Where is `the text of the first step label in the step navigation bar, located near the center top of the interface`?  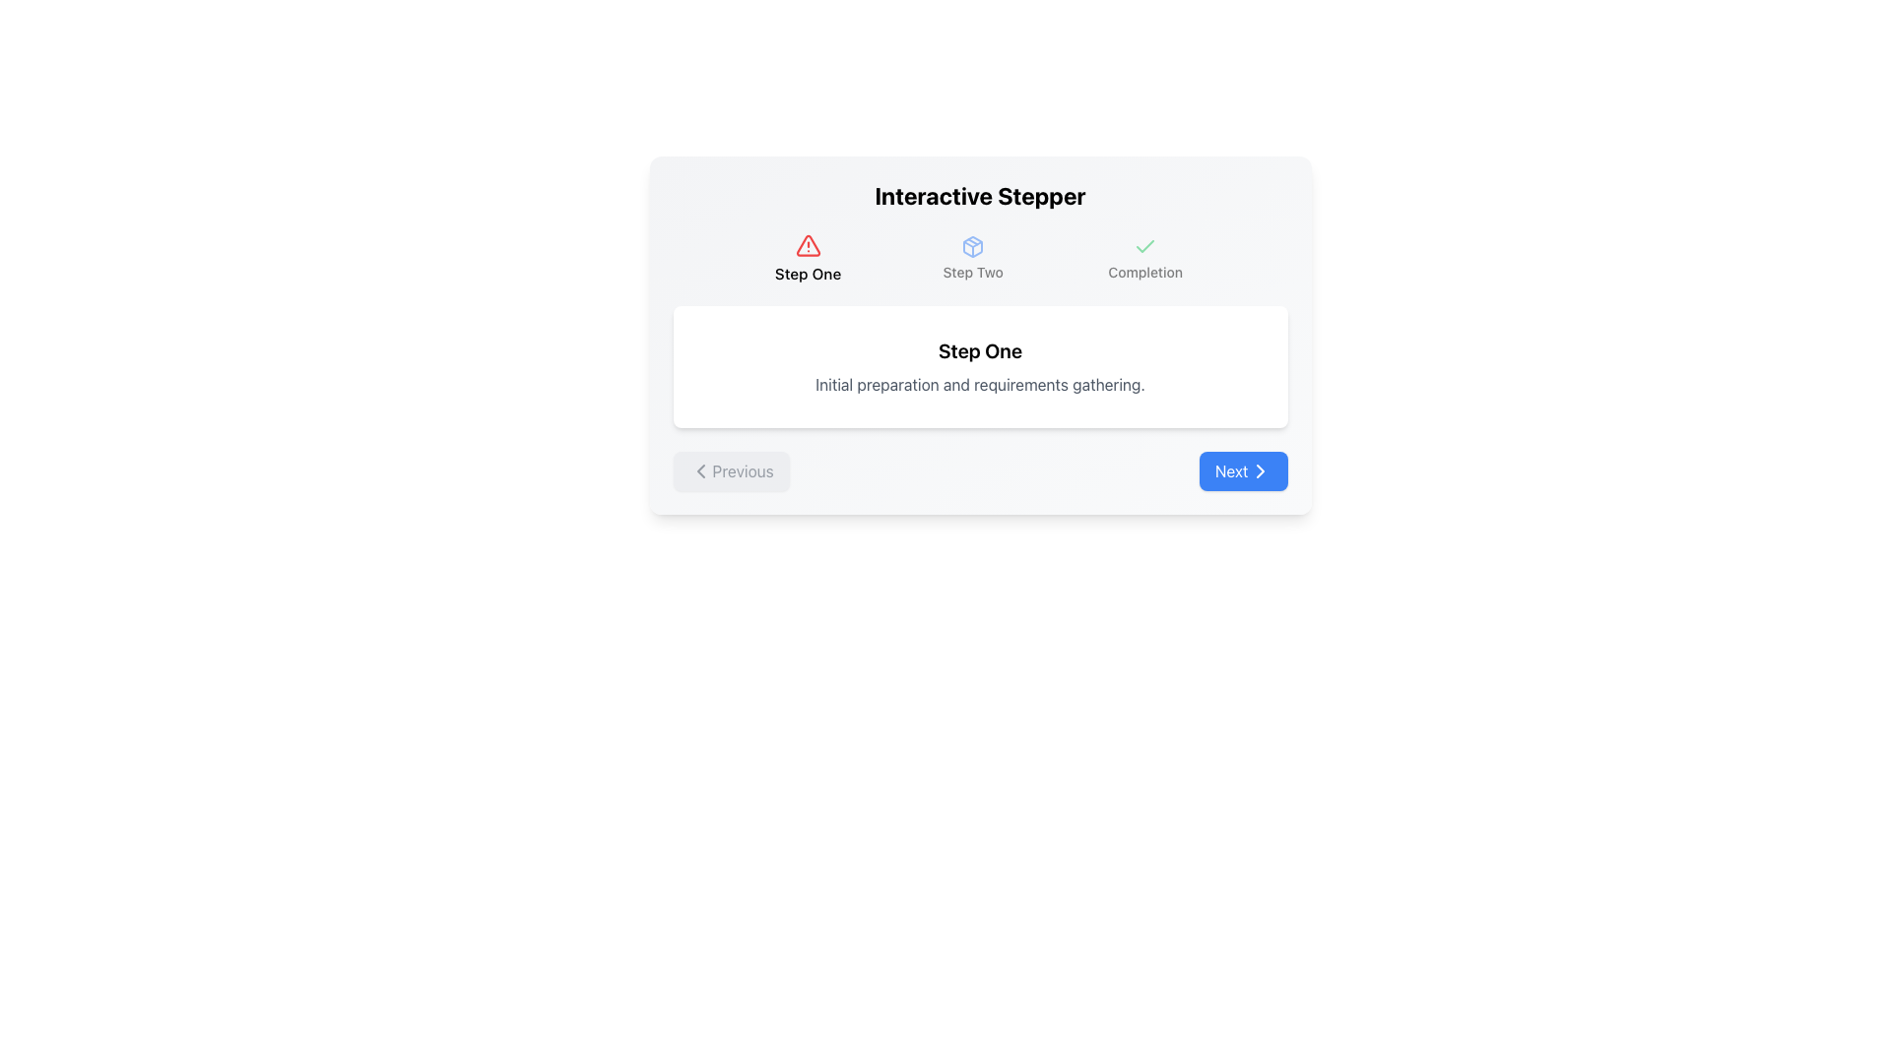
the text of the first step label in the step navigation bar, located near the center top of the interface is located at coordinates (808, 274).